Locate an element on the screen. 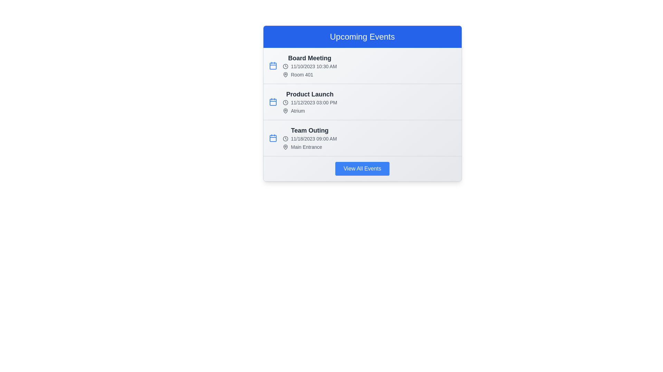 The height and width of the screenshot is (372, 663). the calendar icon that represents the 'Board Meeting' event is located at coordinates (272, 66).